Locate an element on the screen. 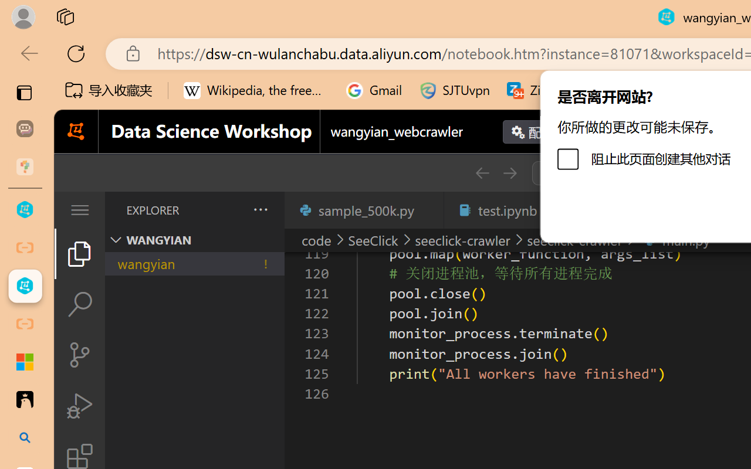 Image resolution: width=751 pixels, height=469 pixels. 'Views and More Actions...' is located at coordinates (259, 209).